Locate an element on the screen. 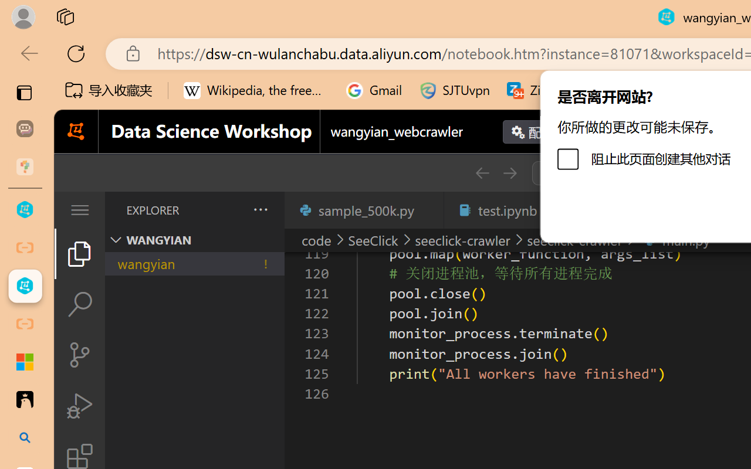 Image resolution: width=751 pixels, height=469 pixels. 'Views and More Actions...' is located at coordinates (259, 209).